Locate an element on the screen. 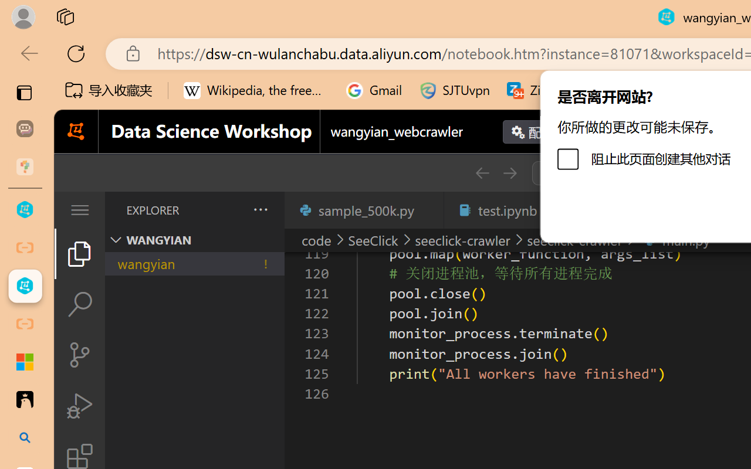 Image resolution: width=751 pixels, height=469 pixels. 'Views and More Actions...' is located at coordinates (259, 209).